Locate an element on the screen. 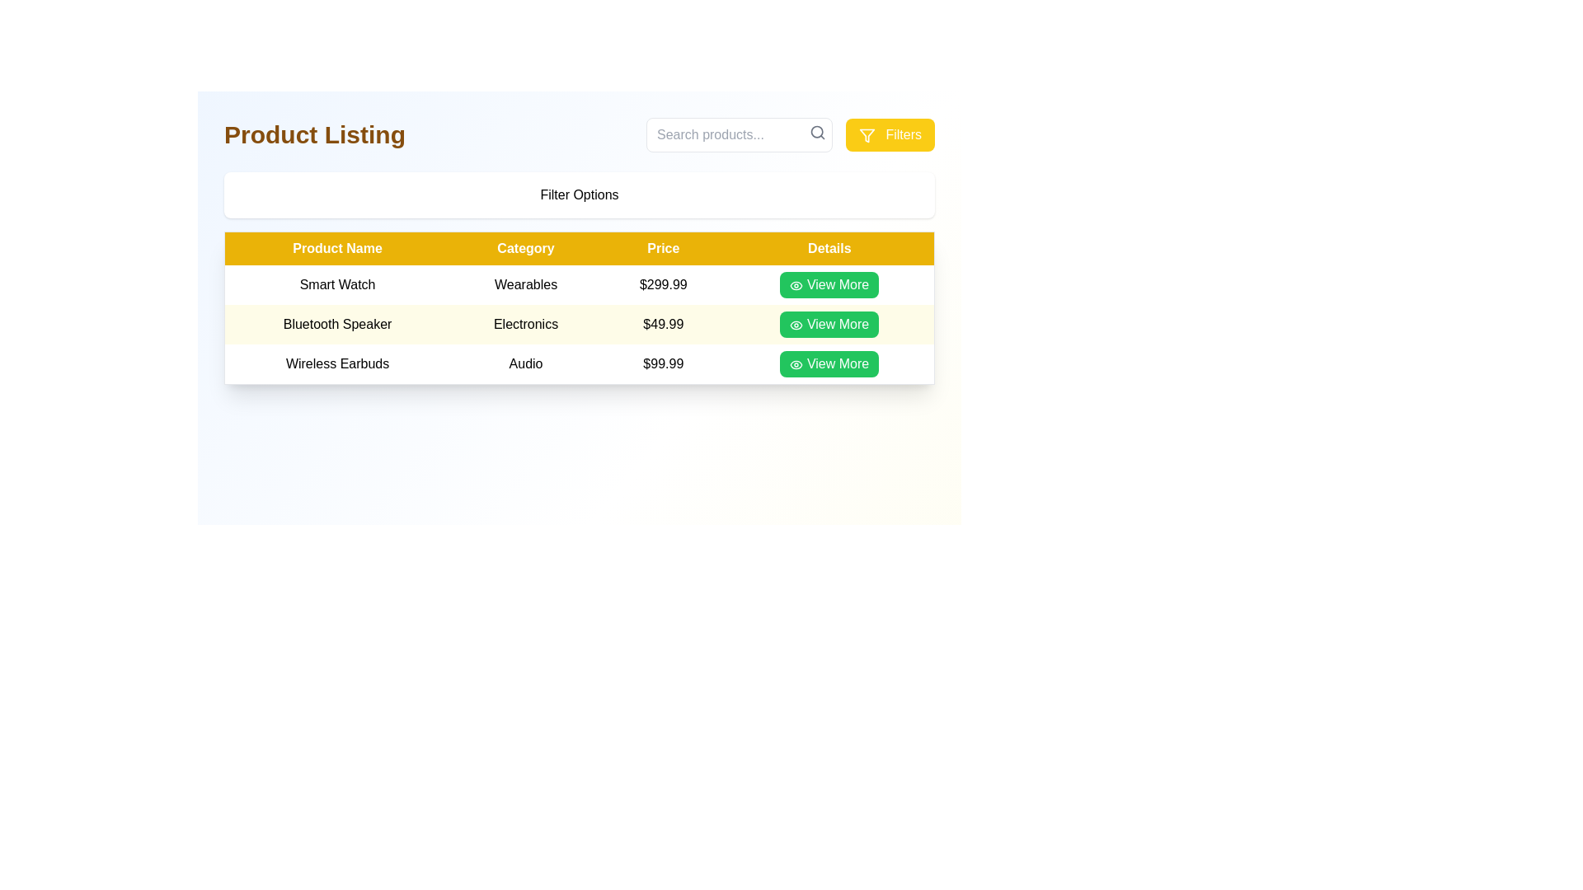 This screenshot has width=1583, height=890. the small yellow funnel-shaped icon styled as a filter symbol, located to the left of the 'Filters' button in the top-right area of the interface is located at coordinates (866, 134).